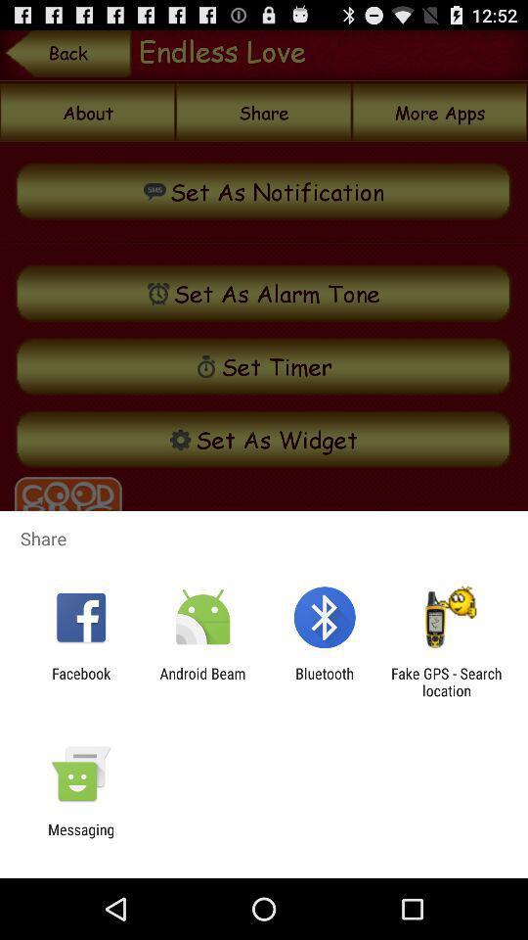  Describe the element at coordinates (80, 681) in the screenshot. I see `the item next to android beam icon` at that location.